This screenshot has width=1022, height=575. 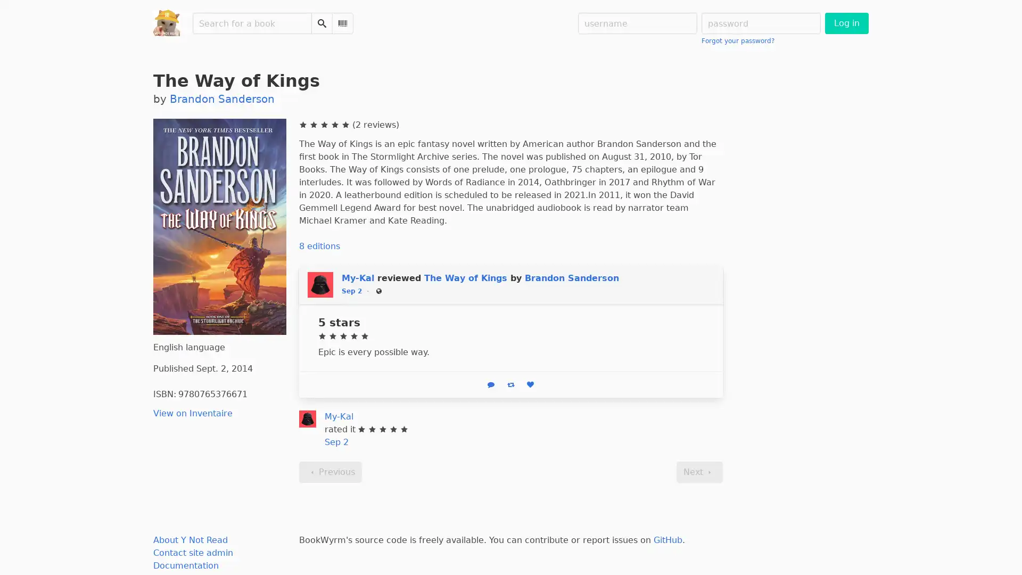 What do you see at coordinates (219, 226) in the screenshot?
I see `The Way of Kings (2014) Click to enlarge` at bounding box center [219, 226].